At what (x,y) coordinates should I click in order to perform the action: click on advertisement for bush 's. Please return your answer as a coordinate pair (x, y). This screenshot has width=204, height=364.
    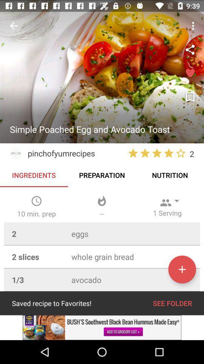
    Looking at the image, I should click on (102, 327).